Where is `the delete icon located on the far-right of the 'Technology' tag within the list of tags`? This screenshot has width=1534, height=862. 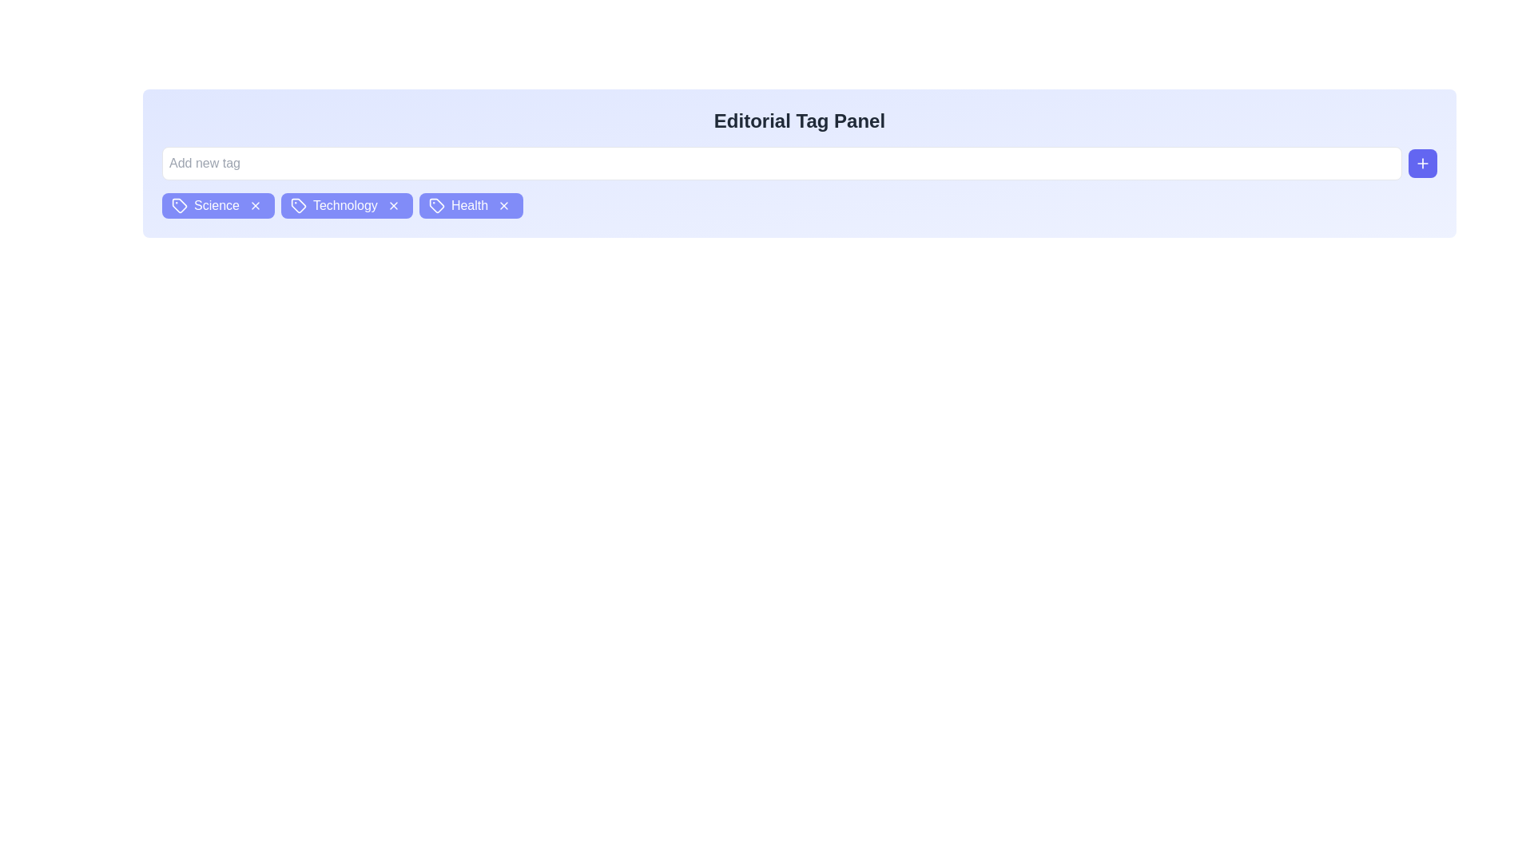
the delete icon located on the far-right of the 'Technology' tag within the list of tags is located at coordinates (393, 205).